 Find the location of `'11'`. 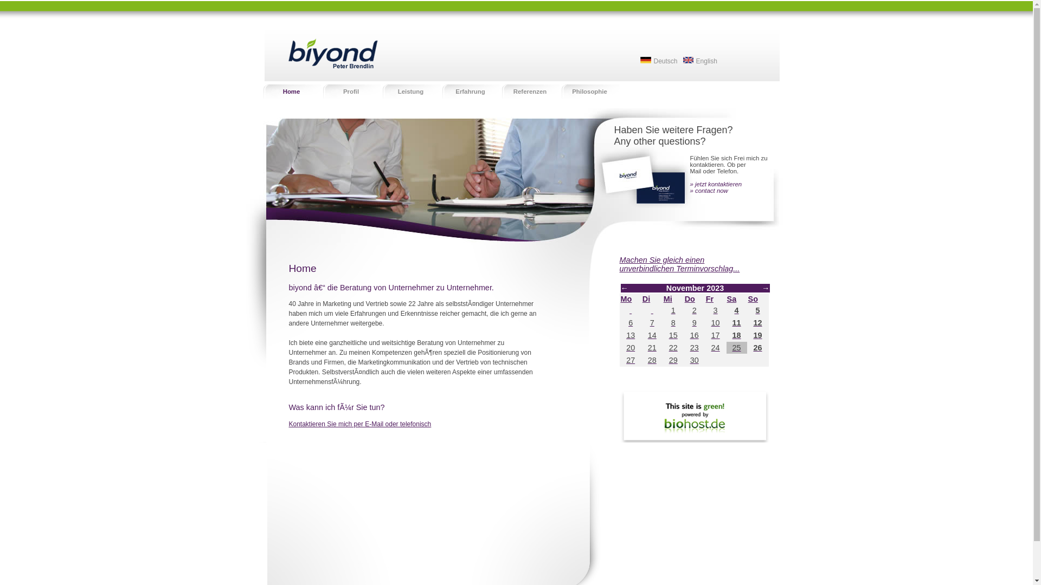

'11' is located at coordinates (736, 322).